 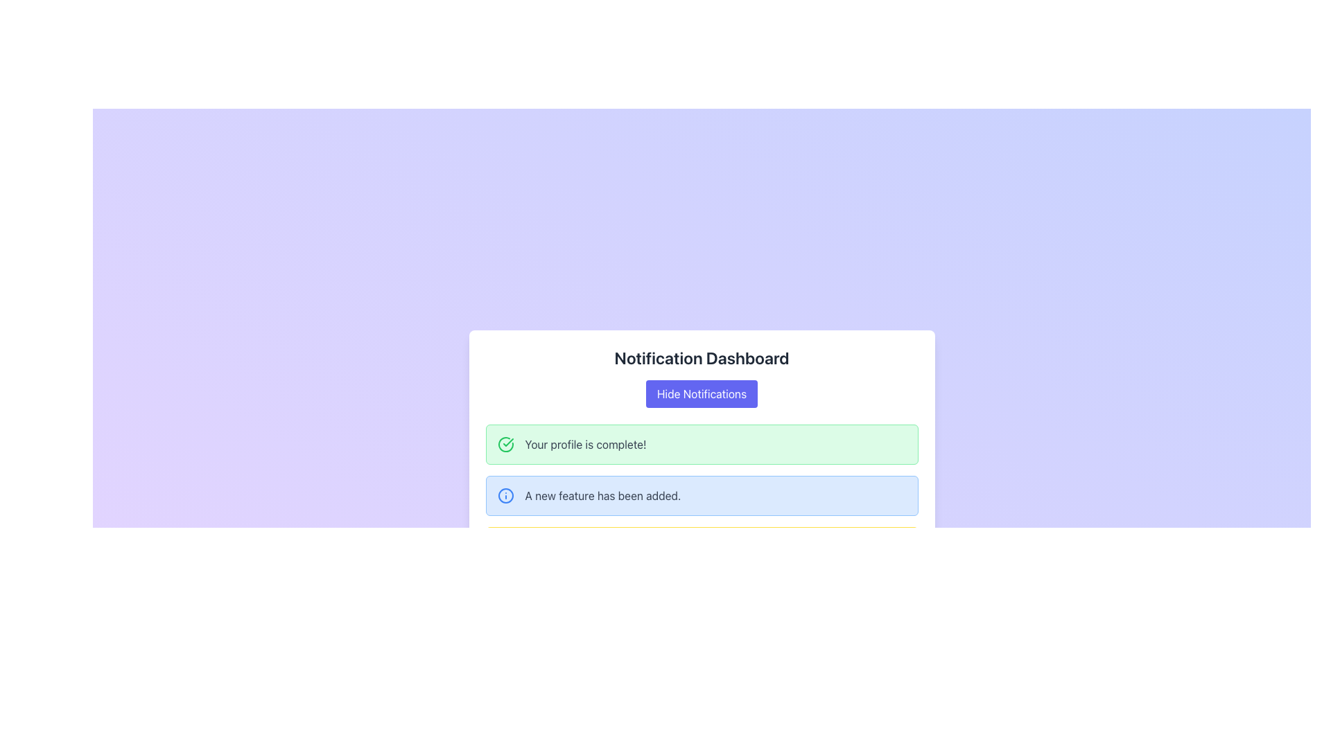 What do you see at coordinates (702, 444) in the screenshot?
I see `the informational notification box that has a light green background and contains the message 'Your profile is complete!'` at bounding box center [702, 444].